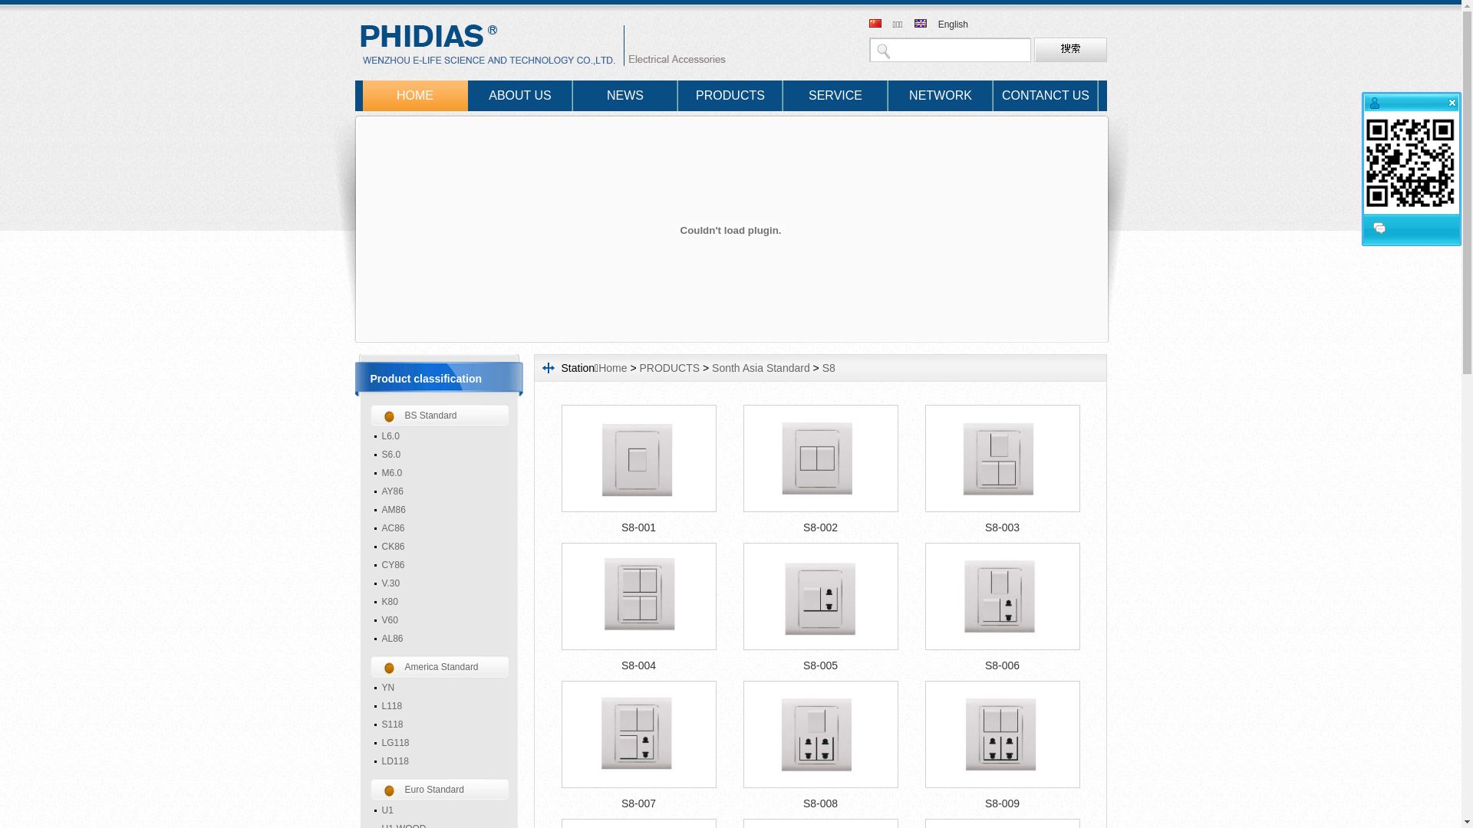 This screenshot has width=1473, height=828. What do you see at coordinates (353, 472) in the screenshot?
I see `'M6.0'` at bounding box center [353, 472].